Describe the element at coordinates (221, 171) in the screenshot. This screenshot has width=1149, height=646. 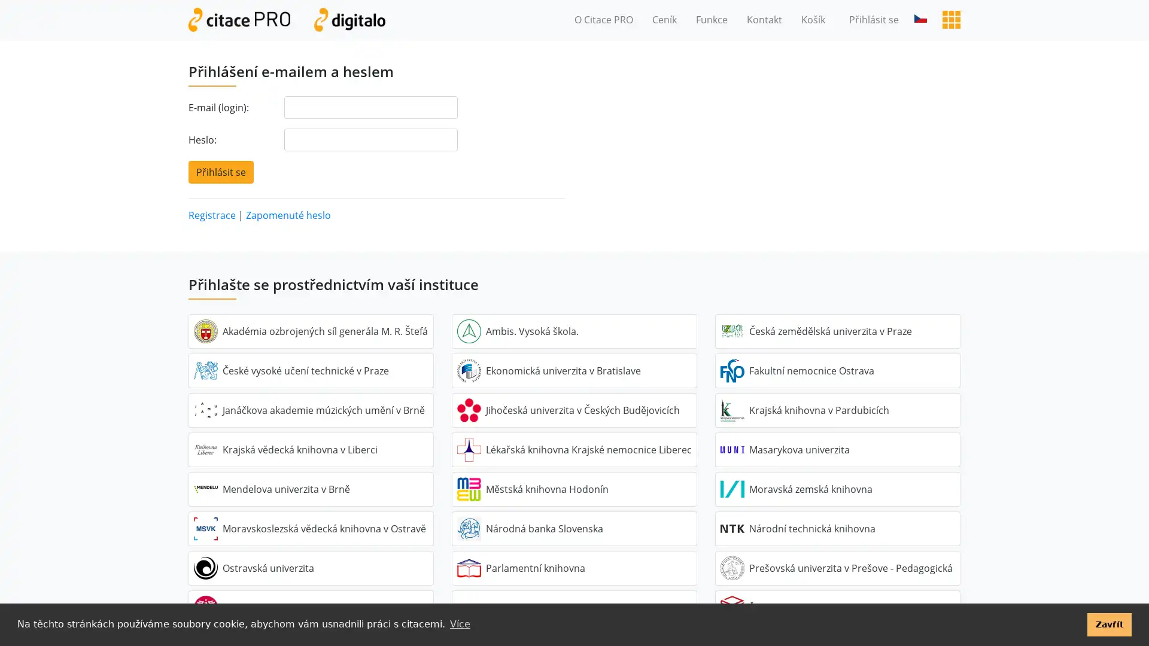
I see `Prihlasit se` at that location.